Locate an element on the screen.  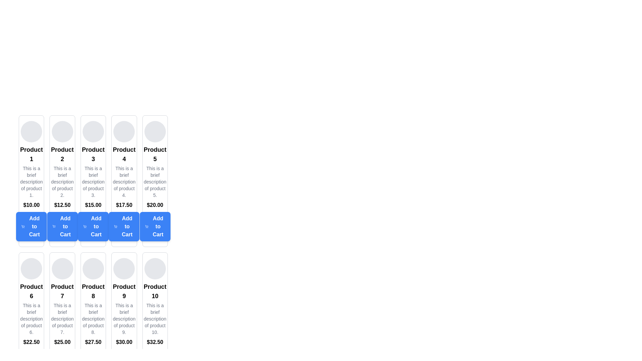
the blue 'Add is located at coordinates (62, 226).